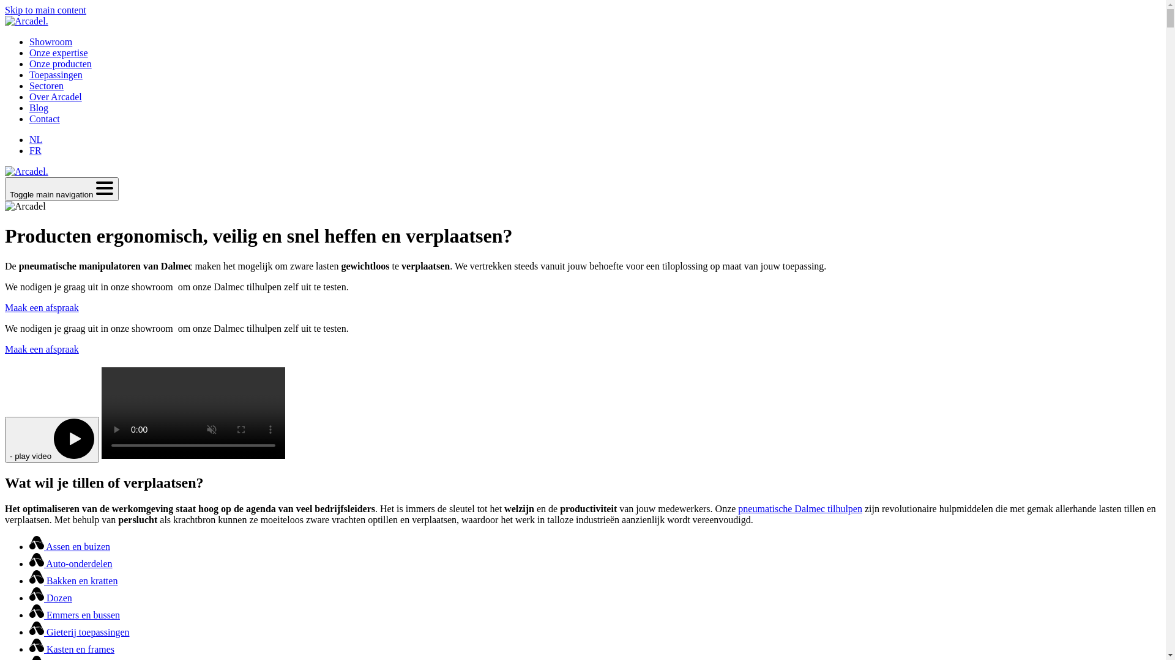 The width and height of the screenshot is (1175, 660). I want to click on '- play video', so click(51, 439).